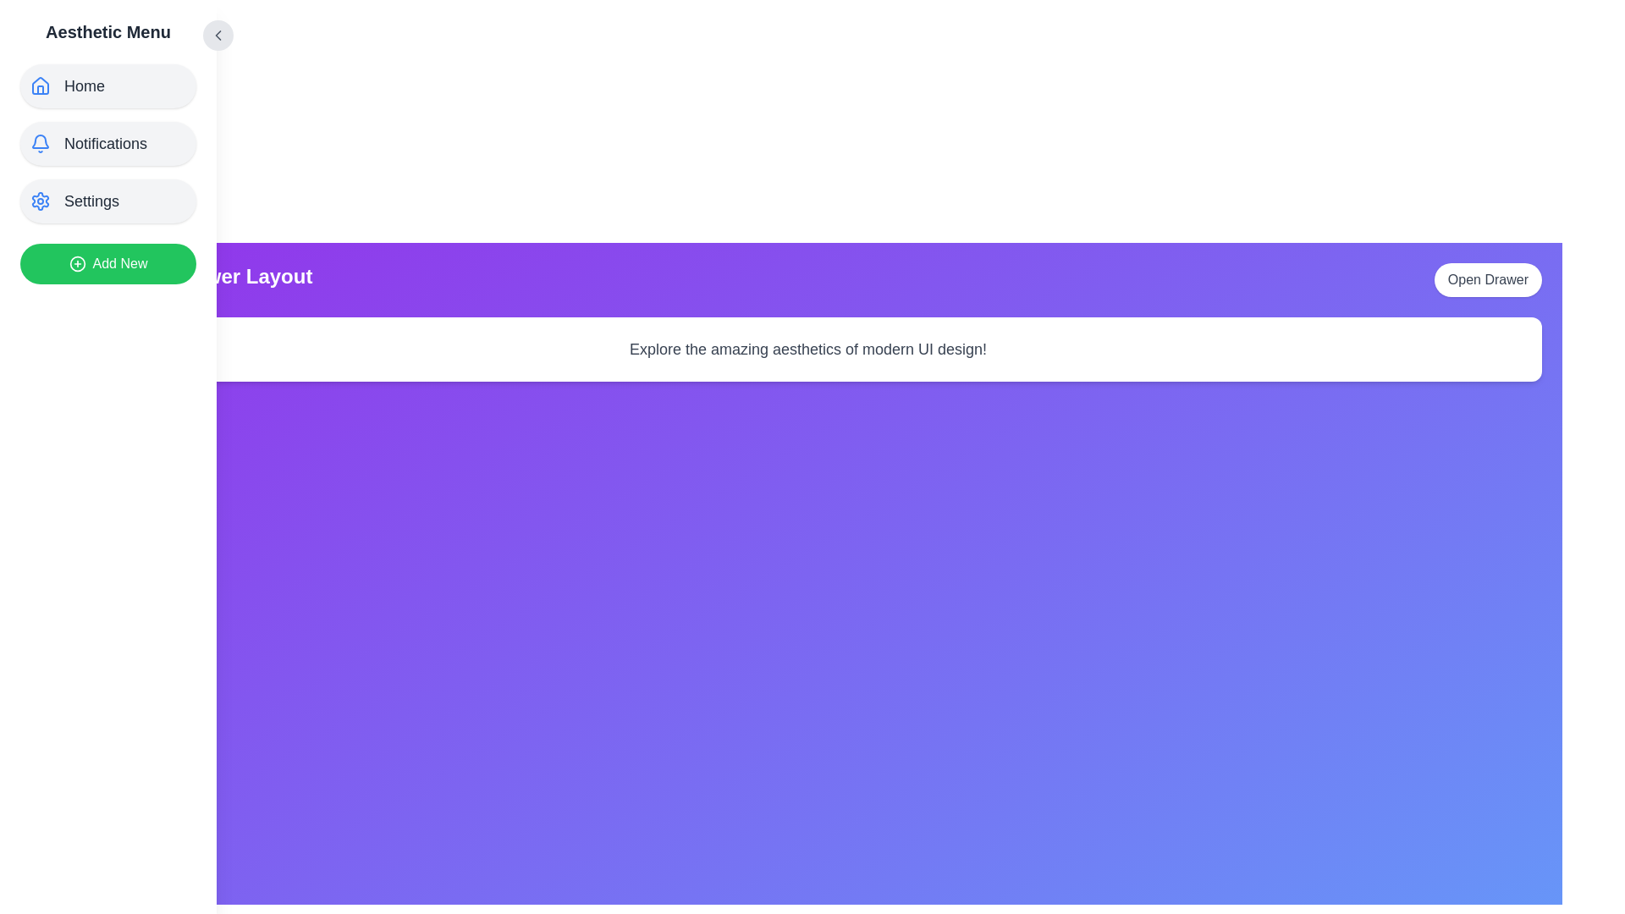  I want to click on the green button labeled 'Add New' located in the left sidebar menu, situated below the 'Settings' menu item, so click(119, 264).